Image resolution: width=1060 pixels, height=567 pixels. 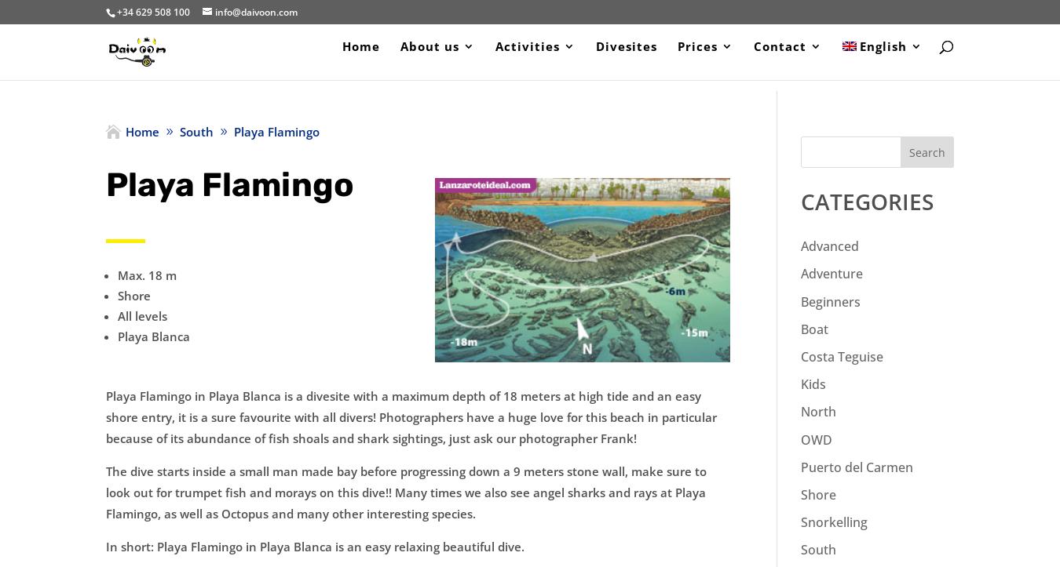 I want to click on 'About us', so click(x=428, y=57).